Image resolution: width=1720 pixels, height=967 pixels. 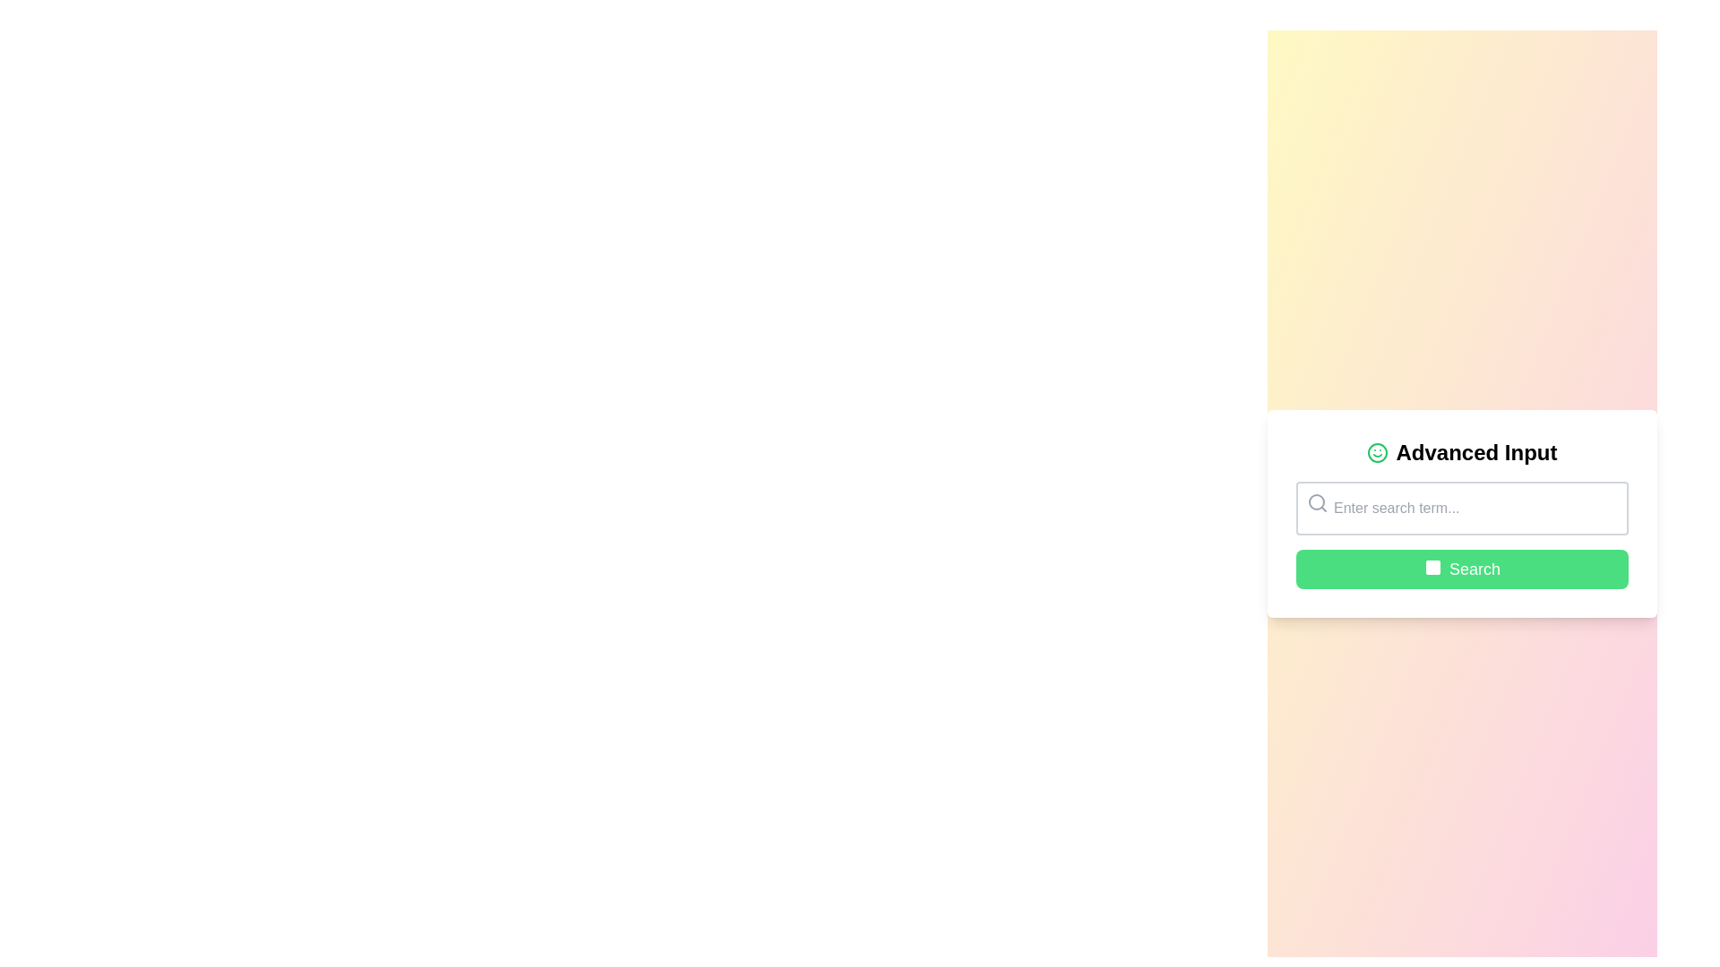 What do you see at coordinates (1432, 569) in the screenshot?
I see `the icon located to the left side of the green 'Search' button, which is vertically centered and closely aligned with the text 'Search'` at bounding box center [1432, 569].